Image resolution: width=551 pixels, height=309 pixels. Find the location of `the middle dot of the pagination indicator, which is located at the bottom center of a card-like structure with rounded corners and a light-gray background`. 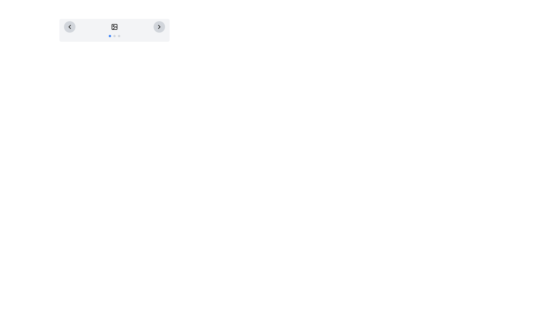

the middle dot of the pagination indicator, which is located at the bottom center of a card-like structure with rounded corners and a light-gray background is located at coordinates (114, 36).